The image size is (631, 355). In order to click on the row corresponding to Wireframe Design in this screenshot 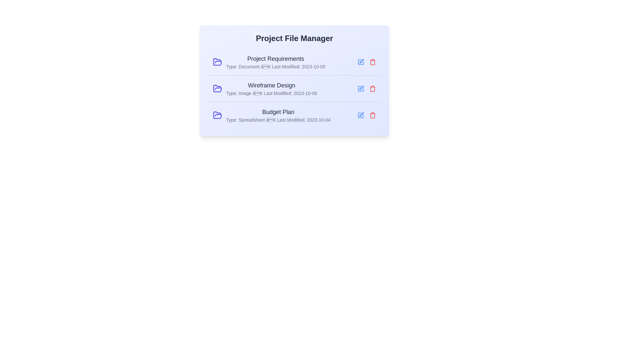, I will do `click(294, 88)`.